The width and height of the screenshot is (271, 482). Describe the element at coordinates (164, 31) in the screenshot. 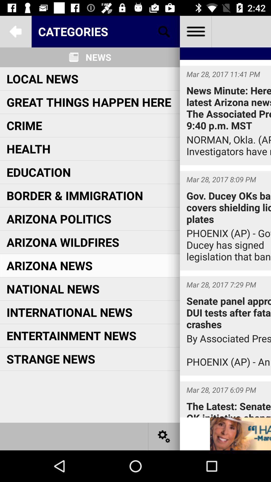

I see `the search icon` at that location.